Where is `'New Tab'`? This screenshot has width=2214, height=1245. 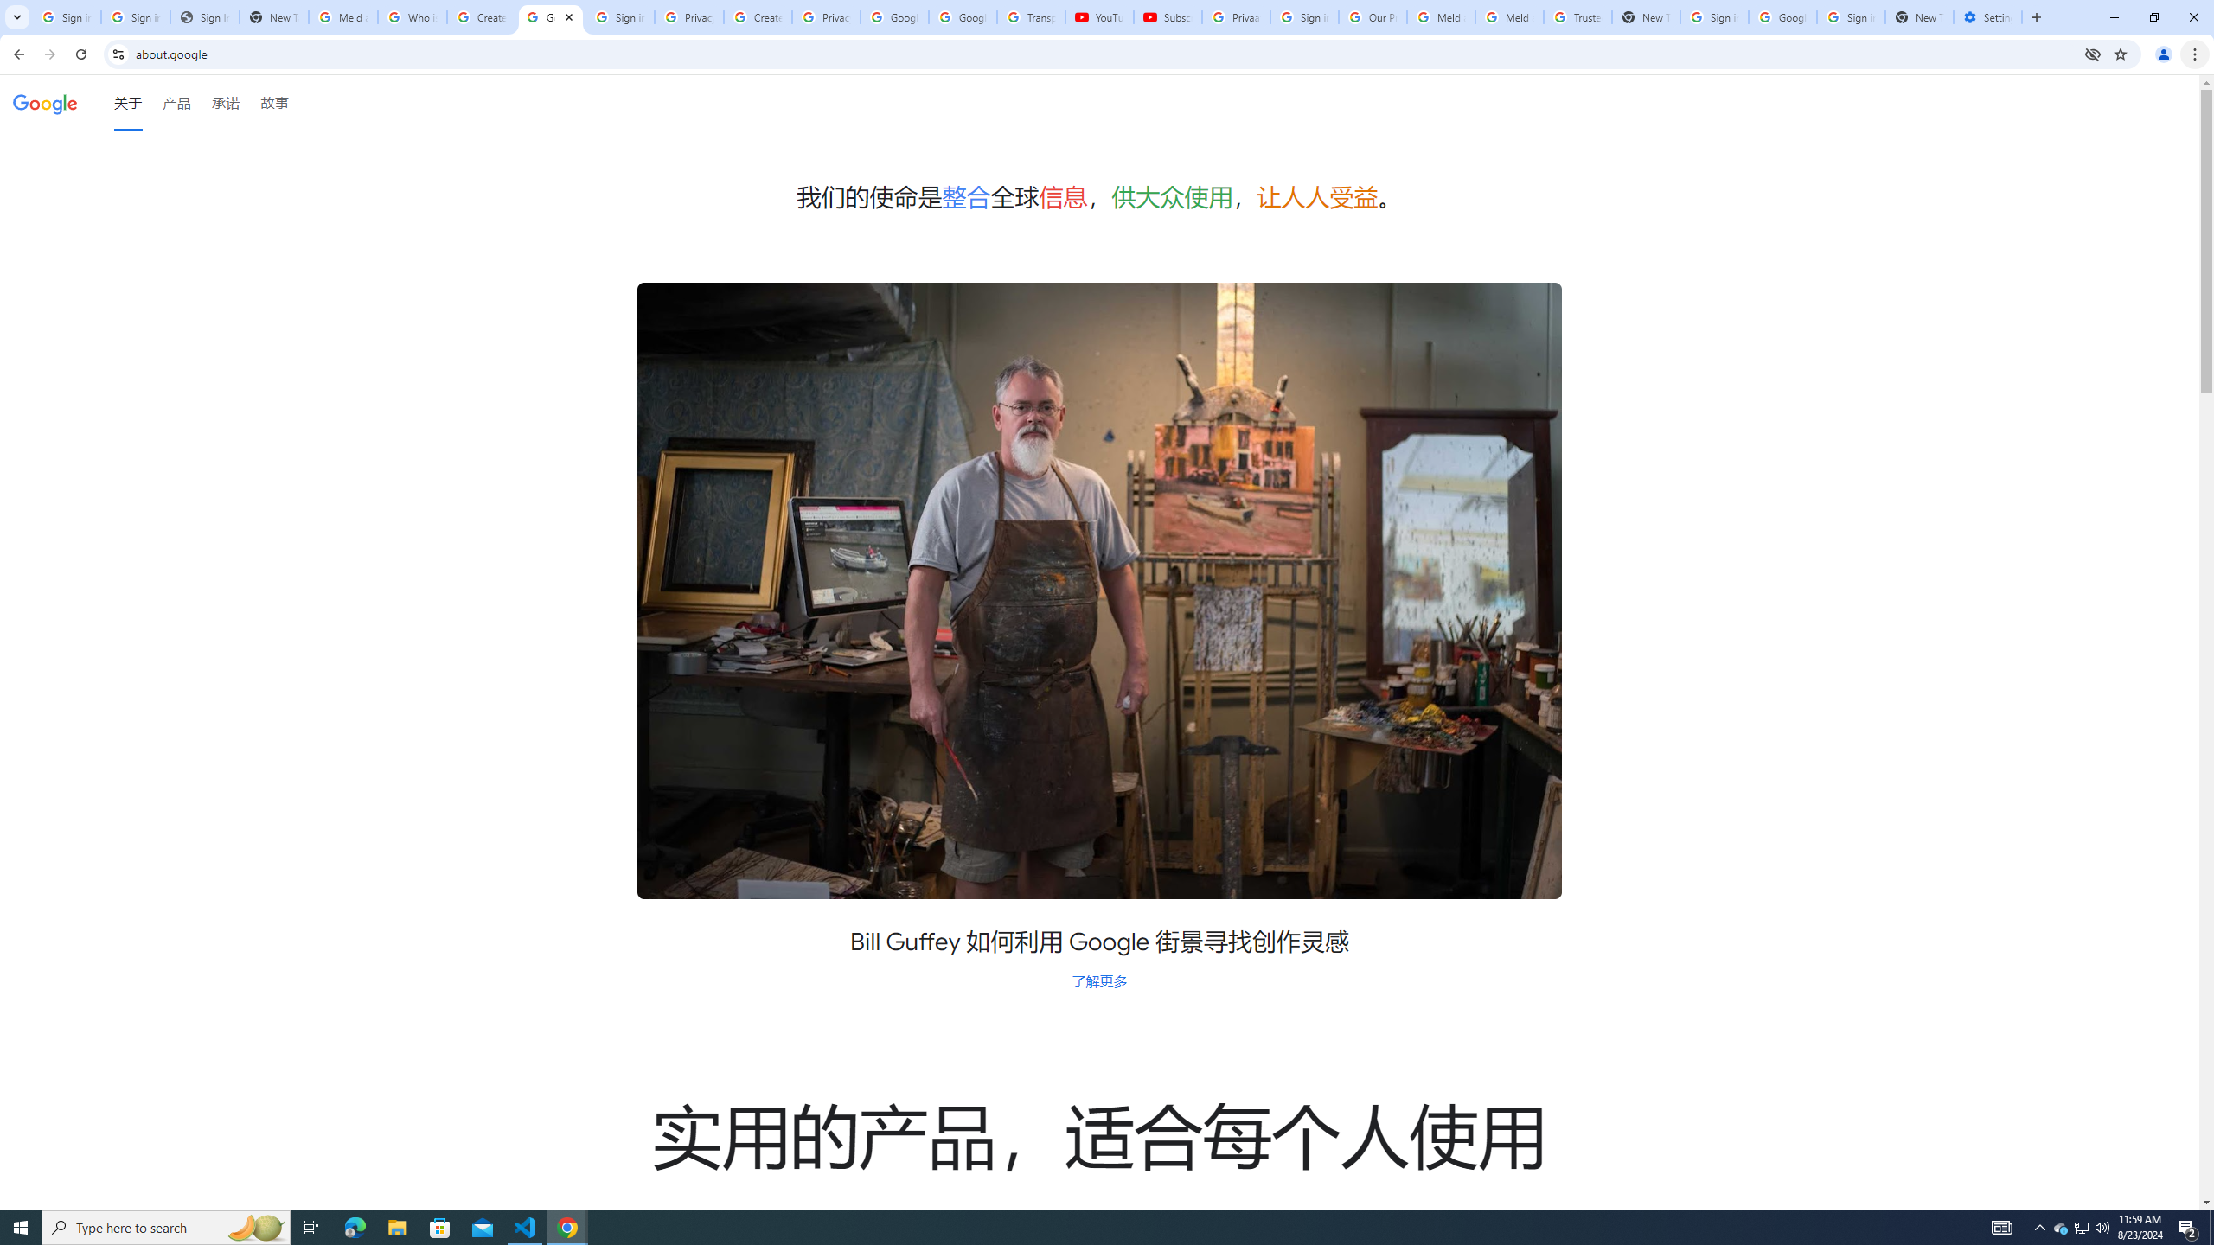 'New Tab' is located at coordinates (1918, 16).